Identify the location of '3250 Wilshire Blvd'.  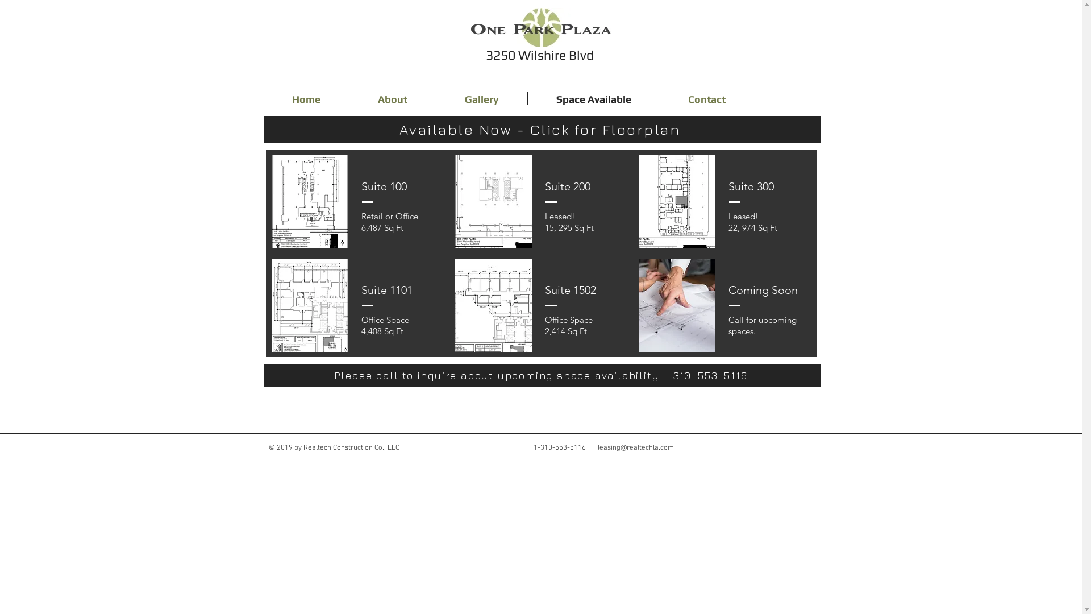
(539, 55).